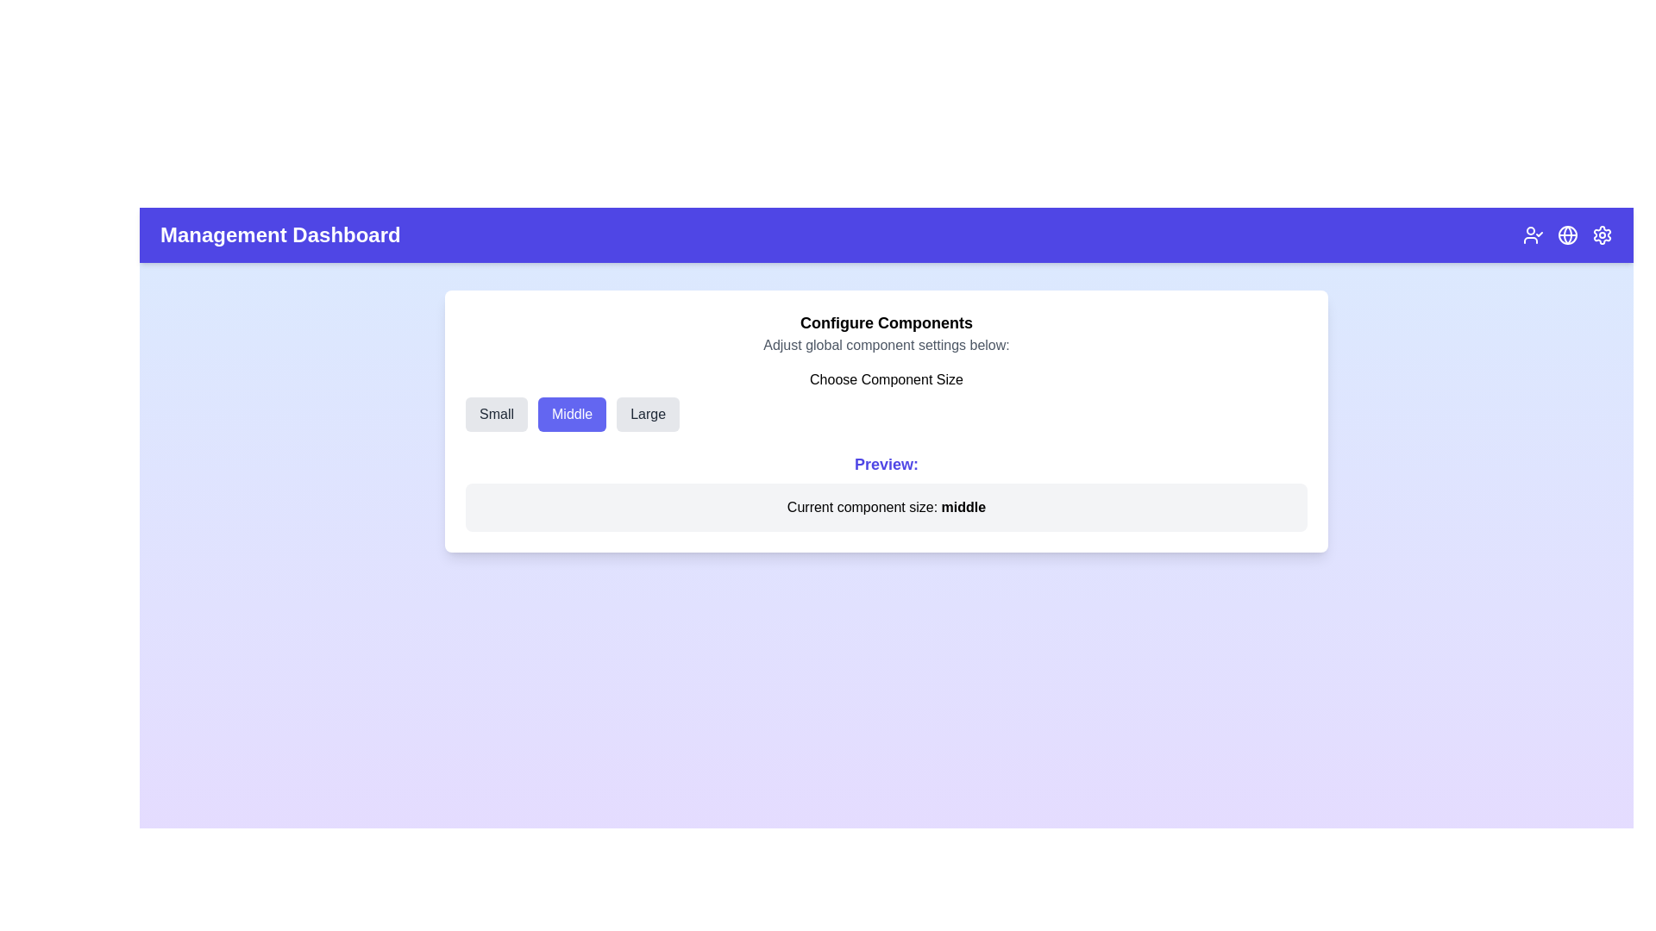  I want to click on the button labeled 'Small', so click(496, 415).